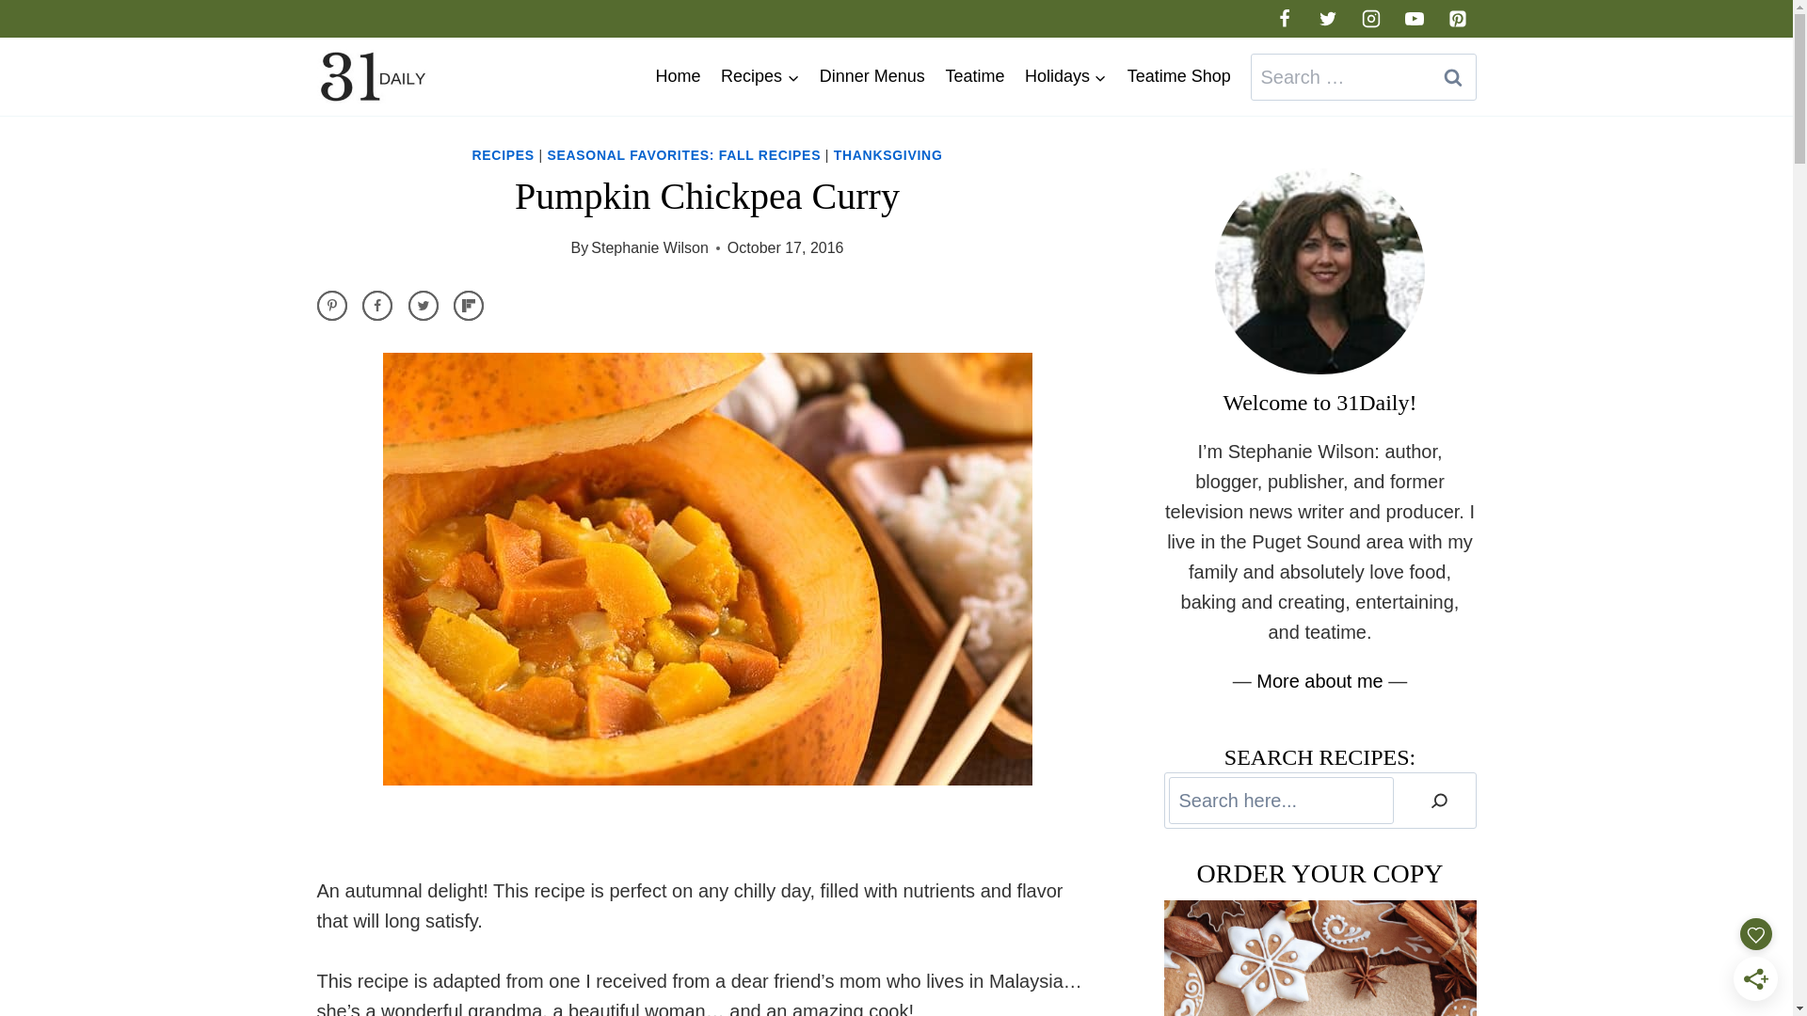 The height and width of the screenshot is (1016, 1807). Describe the element at coordinates (649, 246) in the screenshot. I see `'Stephanie Wilson'` at that location.